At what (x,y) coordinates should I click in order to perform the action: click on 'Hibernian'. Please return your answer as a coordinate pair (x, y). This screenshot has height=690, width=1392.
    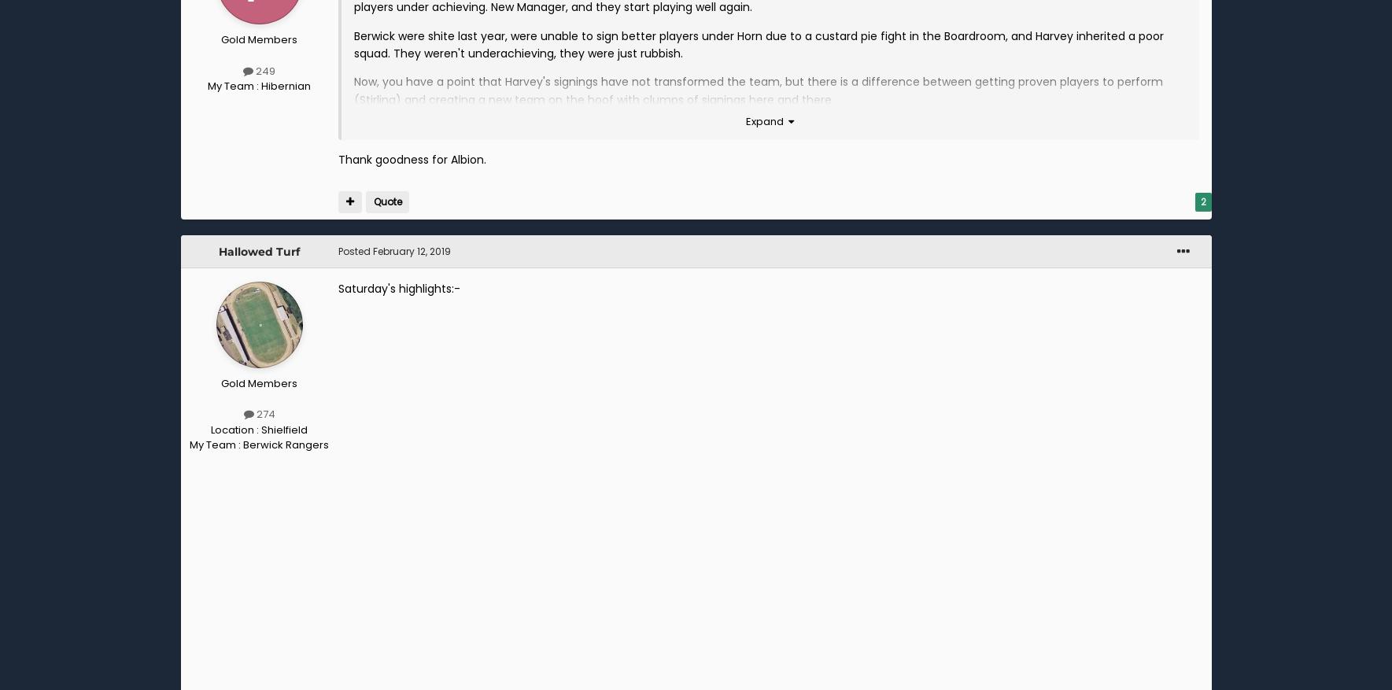
    Looking at the image, I should click on (285, 85).